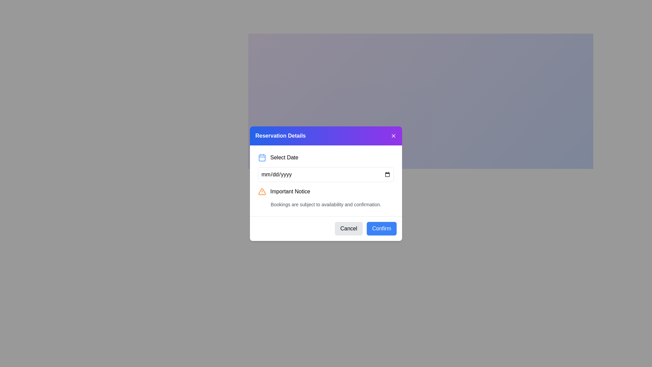 Image resolution: width=652 pixels, height=367 pixels. Describe the element at coordinates (349, 228) in the screenshot. I see `the 'Cancel' button with rounded corners and a light gray background in the 'Reservation Details' modal` at that location.